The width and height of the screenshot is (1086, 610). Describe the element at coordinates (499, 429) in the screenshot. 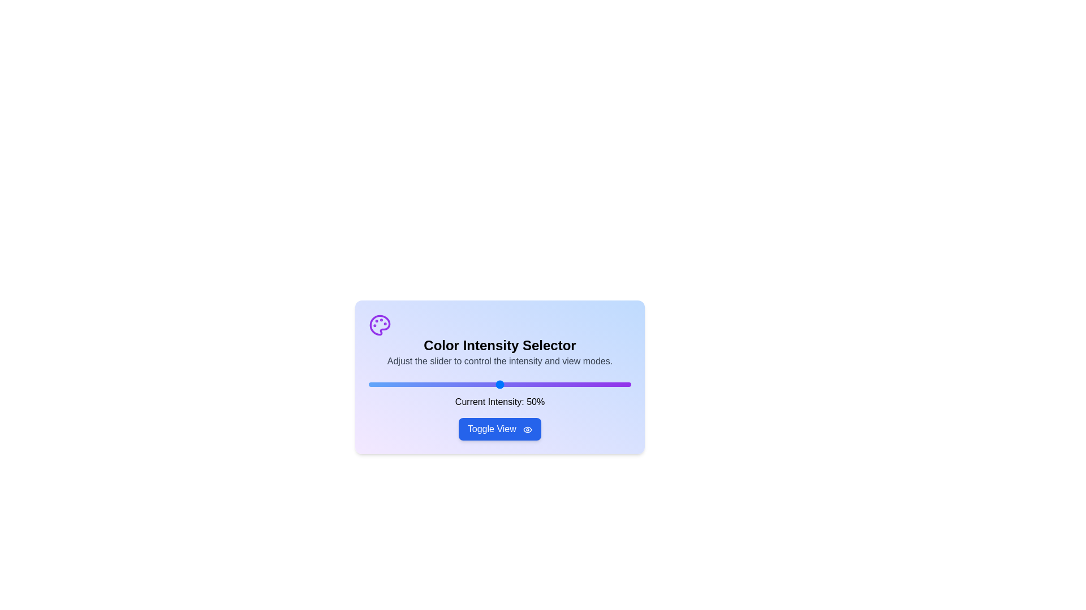

I see `the 'Toggle View' button to switch the view mode` at that location.